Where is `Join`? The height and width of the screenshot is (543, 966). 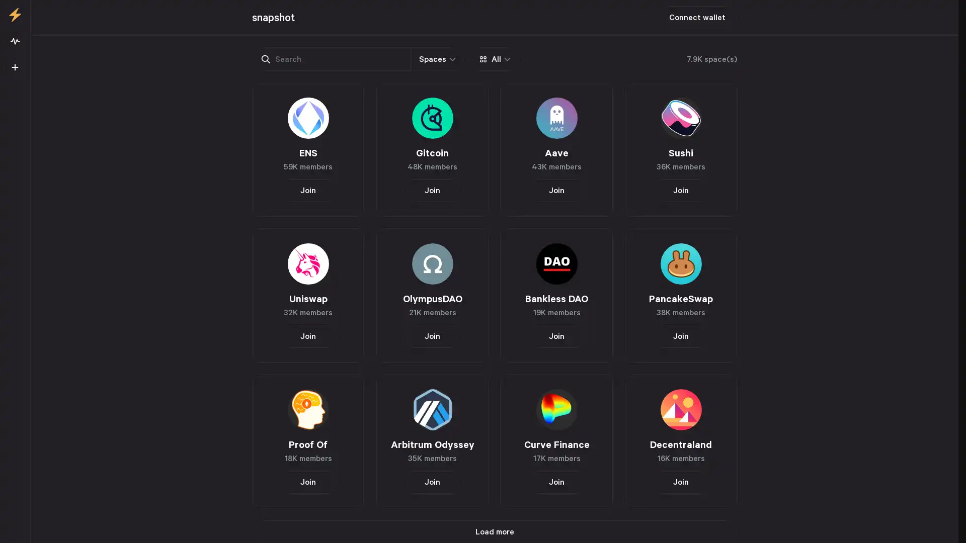
Join is located at coordinates (681, 190).